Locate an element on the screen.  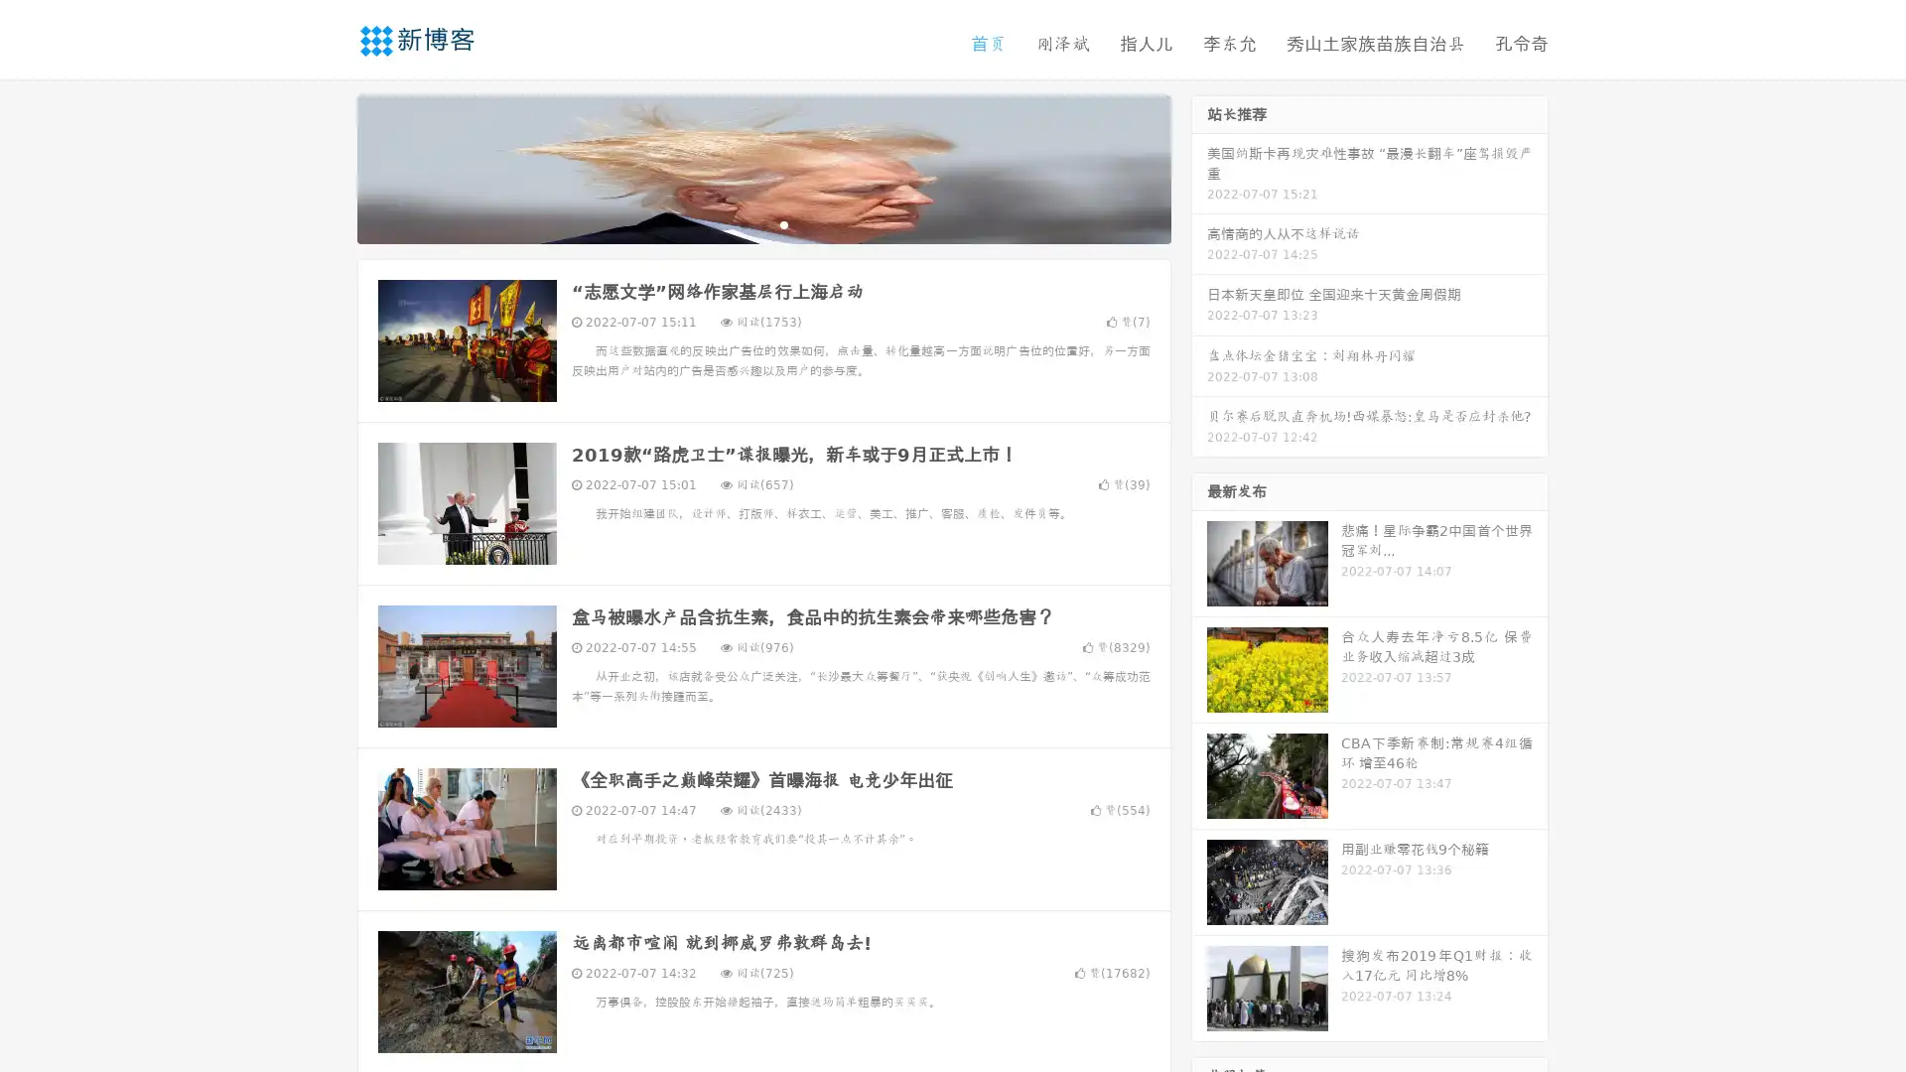
Next slide is located at coordinates (1199, 167).